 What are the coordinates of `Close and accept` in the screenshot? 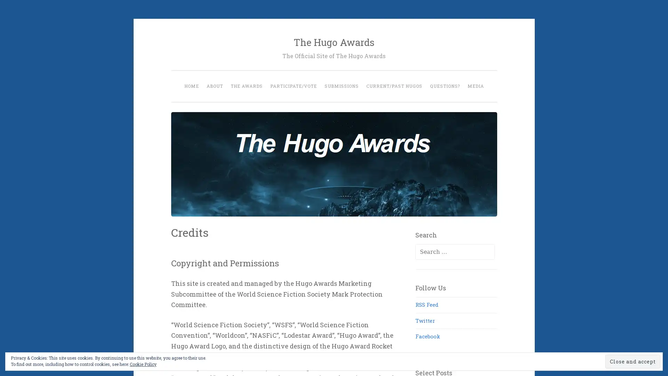 It's located at (633, 361).